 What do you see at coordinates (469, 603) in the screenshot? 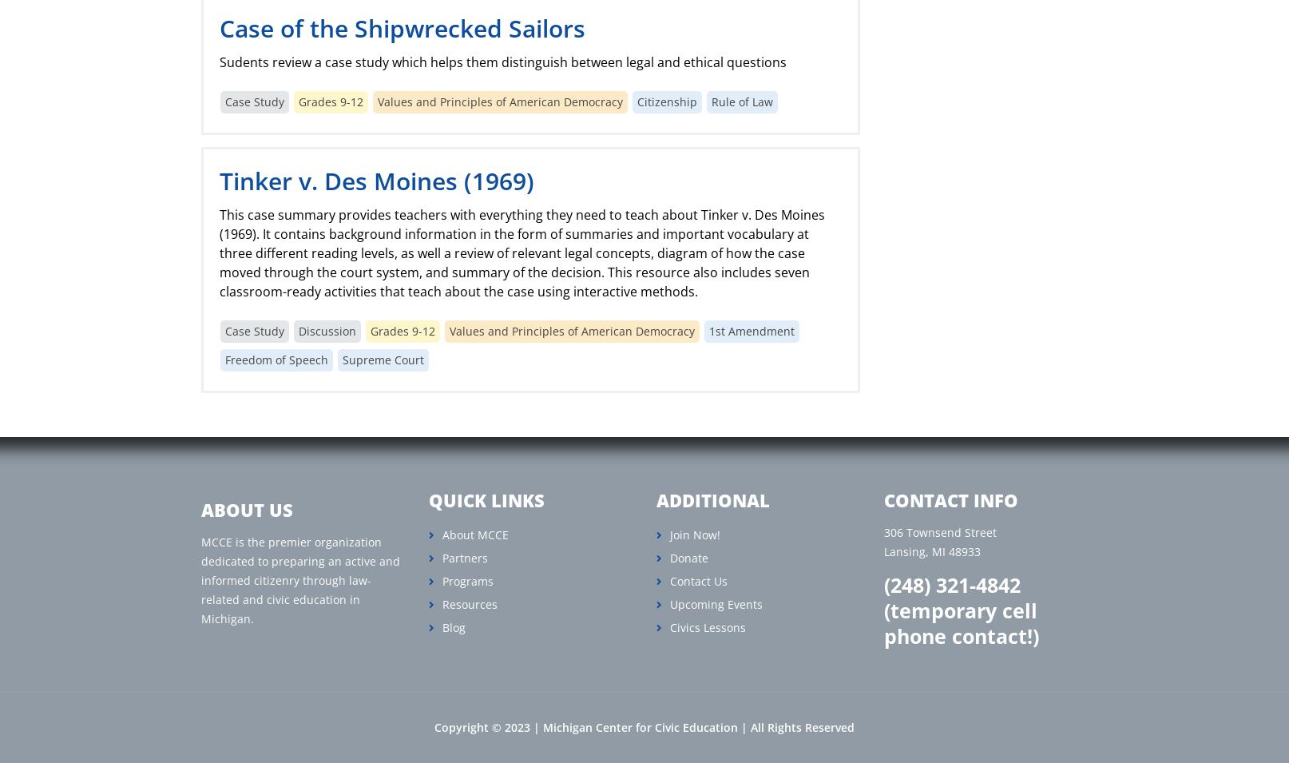
I see `'Resources'` at bounding box center [469, 603].